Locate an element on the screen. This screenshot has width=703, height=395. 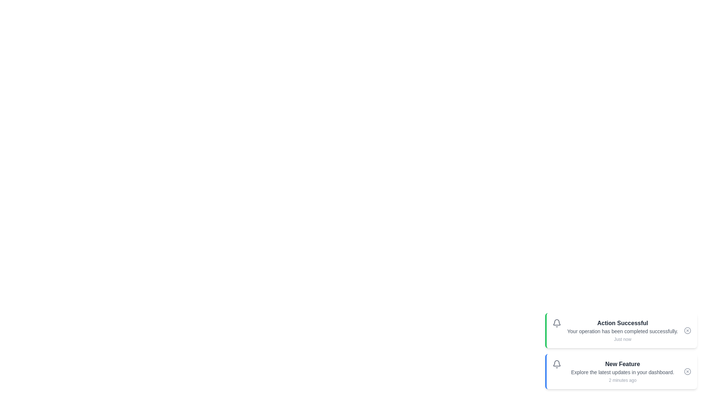
the text label displaying 'Action Successful' in bold, dark gray font, located inside the upper notification card with a green side border is located at coordinates (622, 323).